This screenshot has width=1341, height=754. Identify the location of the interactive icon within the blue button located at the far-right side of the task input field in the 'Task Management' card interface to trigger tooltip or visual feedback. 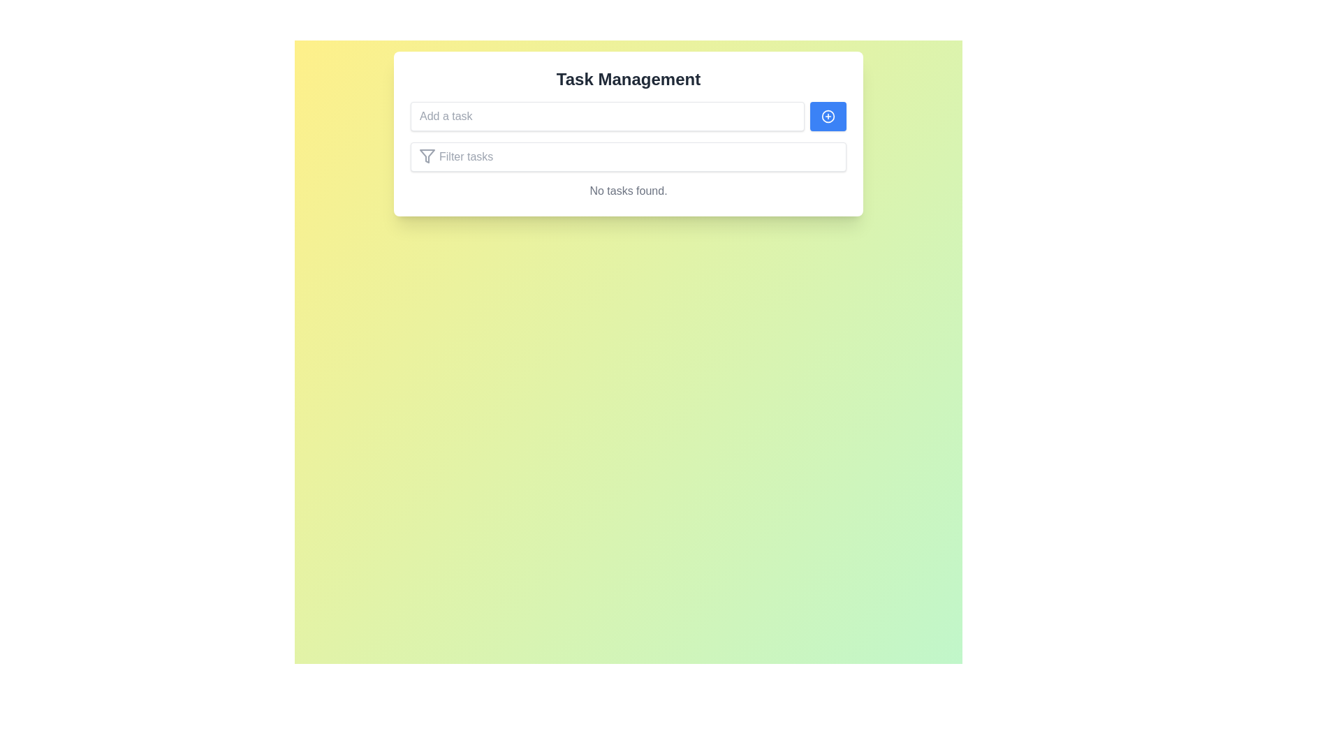
(828, 115).